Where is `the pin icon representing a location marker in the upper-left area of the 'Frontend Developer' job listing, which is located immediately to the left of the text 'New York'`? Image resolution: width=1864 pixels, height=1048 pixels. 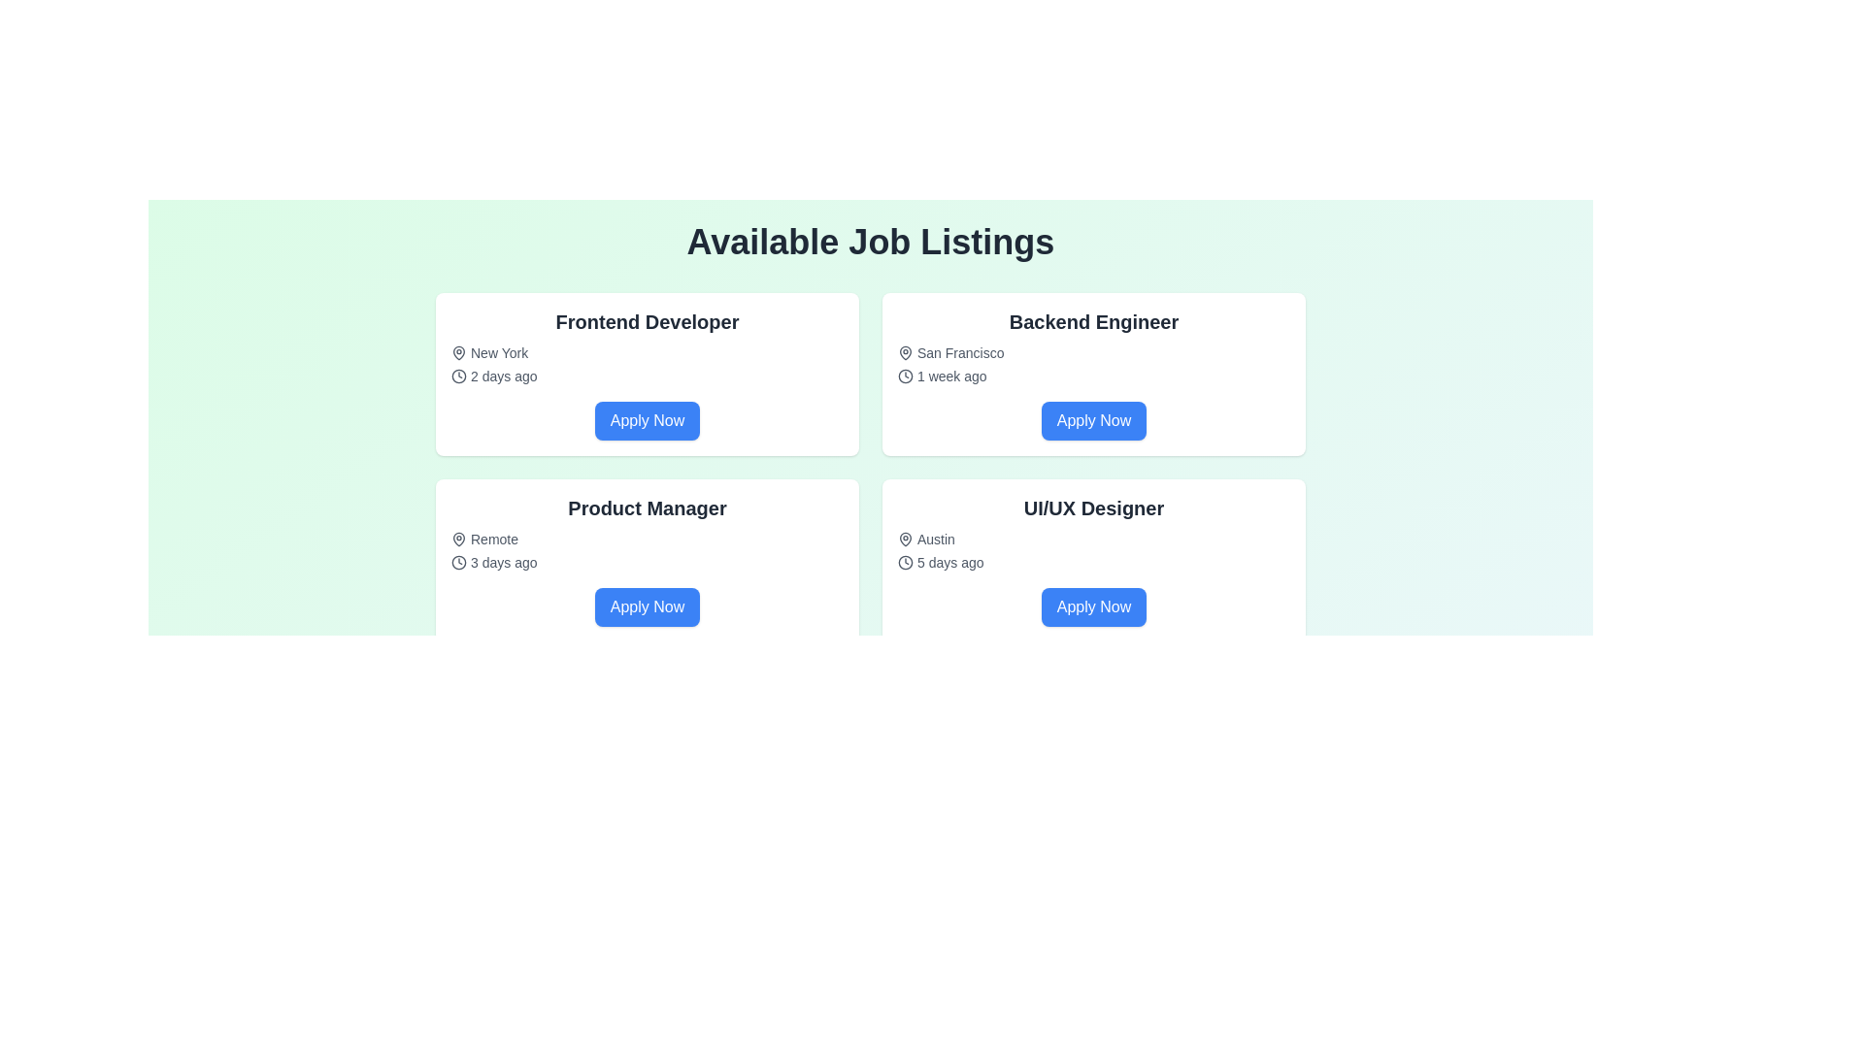
the pin icon representing a location marker in the upper-left area of the 'Frontend Developer' job listing, which is located immediately to the left of the text 'New York' is located at coordinates (458, 351).